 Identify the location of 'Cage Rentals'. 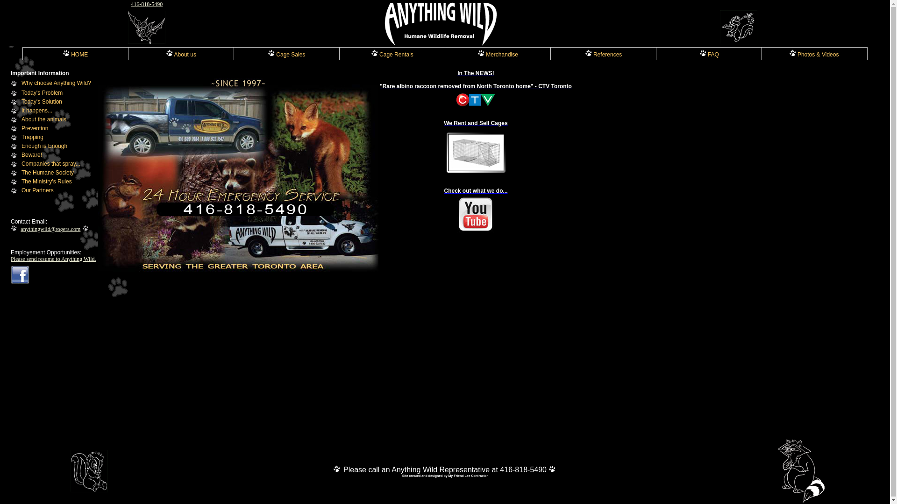
(370, 54).